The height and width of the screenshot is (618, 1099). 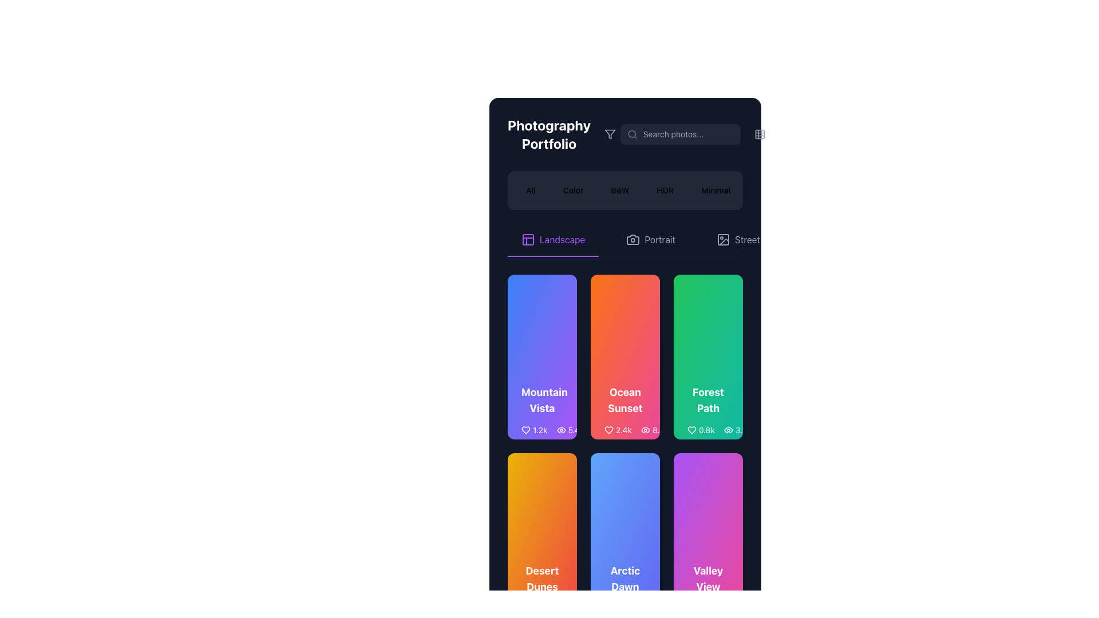 I want to click on the text label that serves as the title or identifier for the card, located in the top-left position of a grid layout, so click(x=541, y=399).